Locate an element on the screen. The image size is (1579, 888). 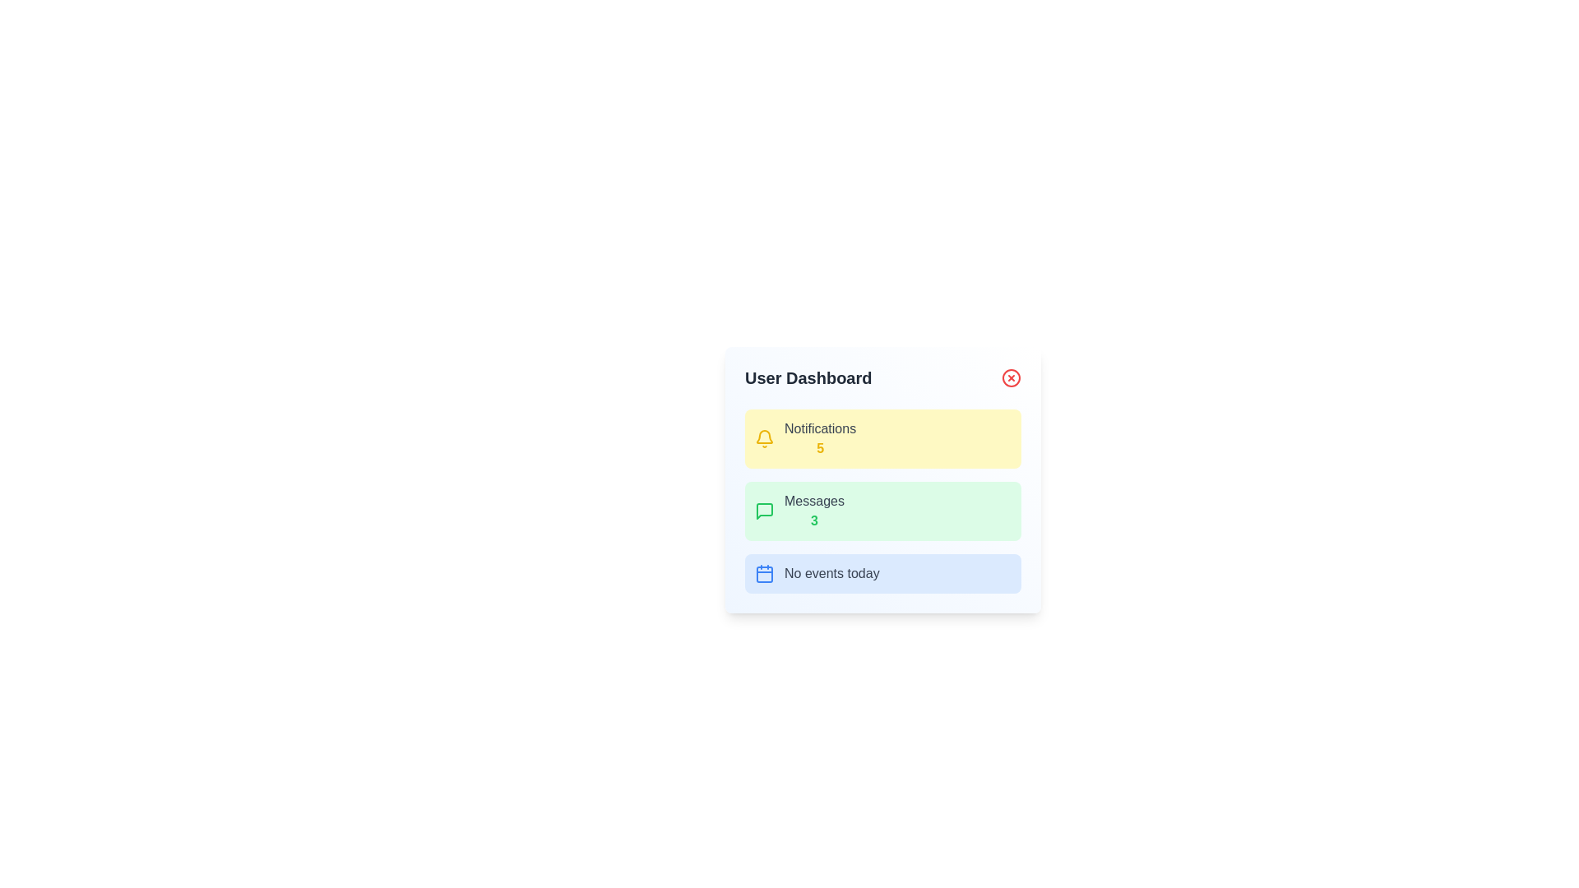
the bold, green-colored number '3' located at the bottom-right side of the green-highlighted section labeled 'Messages' is located at coordinates (814, 520).